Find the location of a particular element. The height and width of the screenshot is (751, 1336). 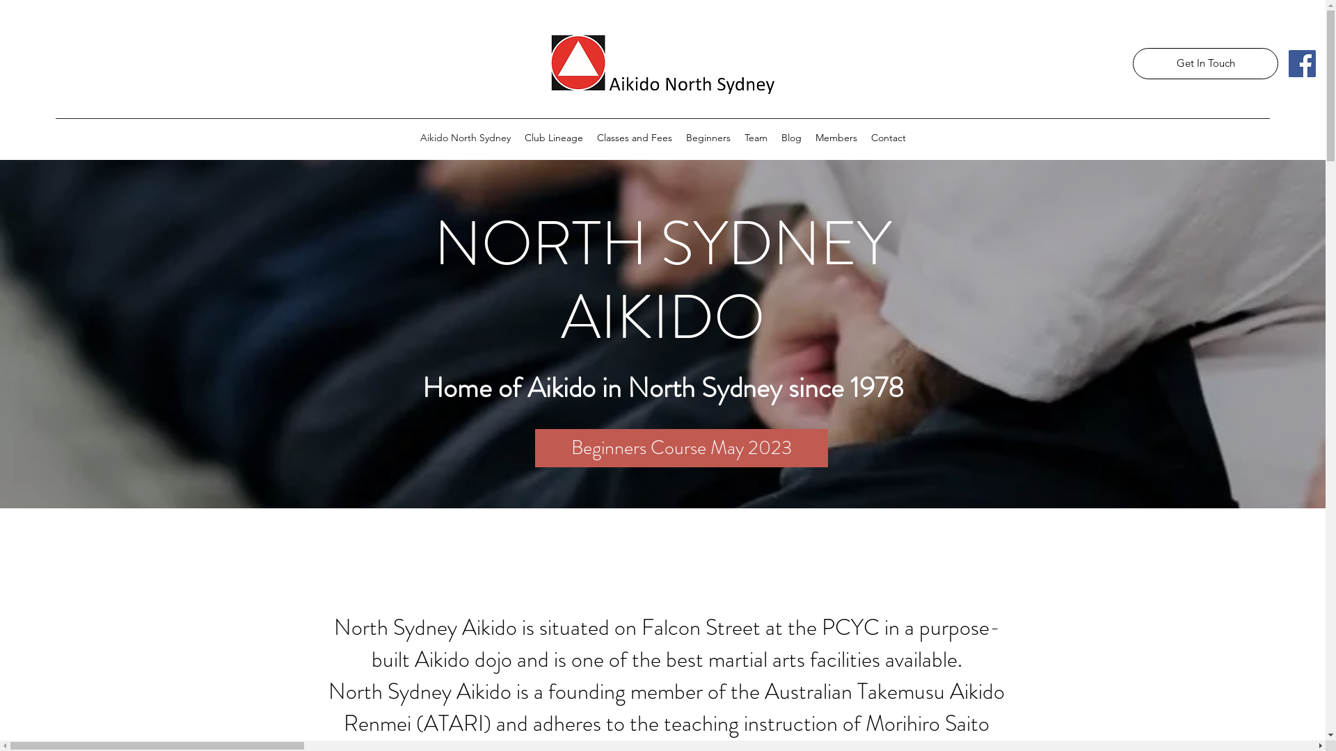

'Beginners Course May 2023' is located at coordinates (681, 448).